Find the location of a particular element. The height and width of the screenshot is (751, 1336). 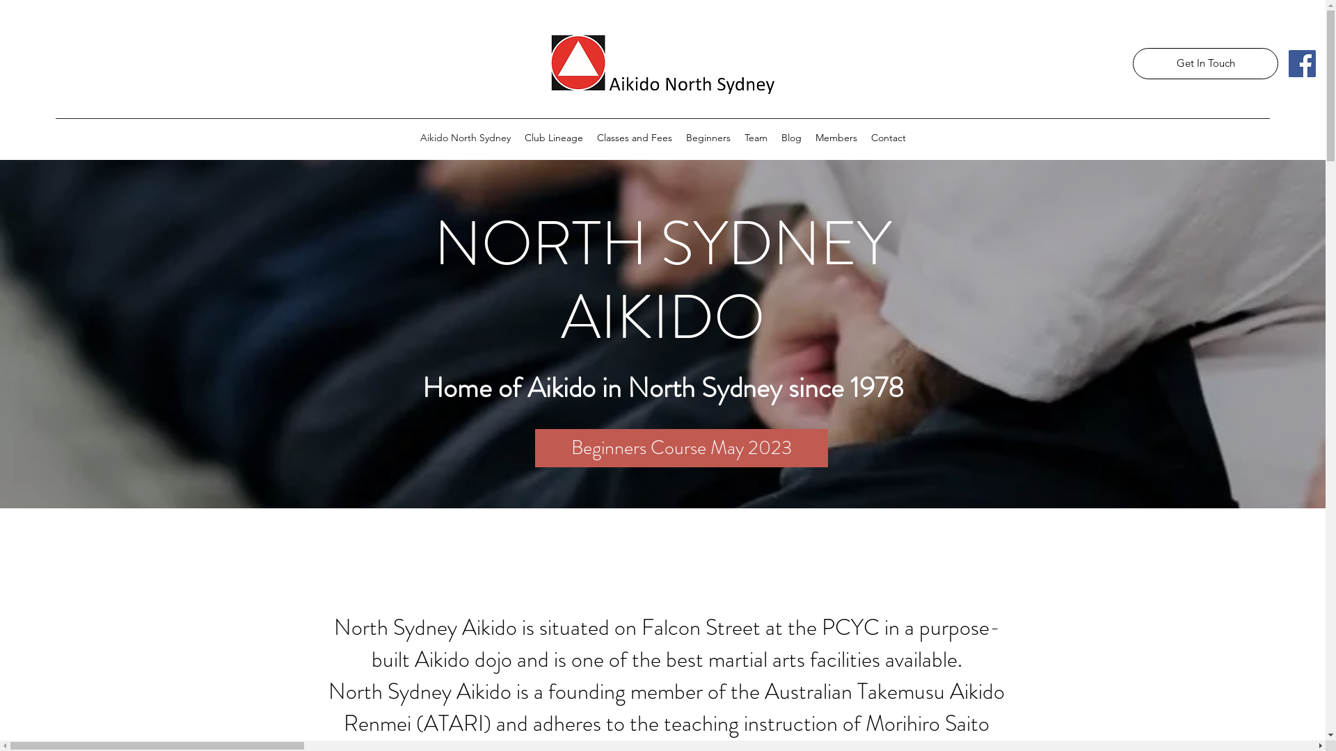

'Beginners Course May 2023' is located at coordinates (681, 448).